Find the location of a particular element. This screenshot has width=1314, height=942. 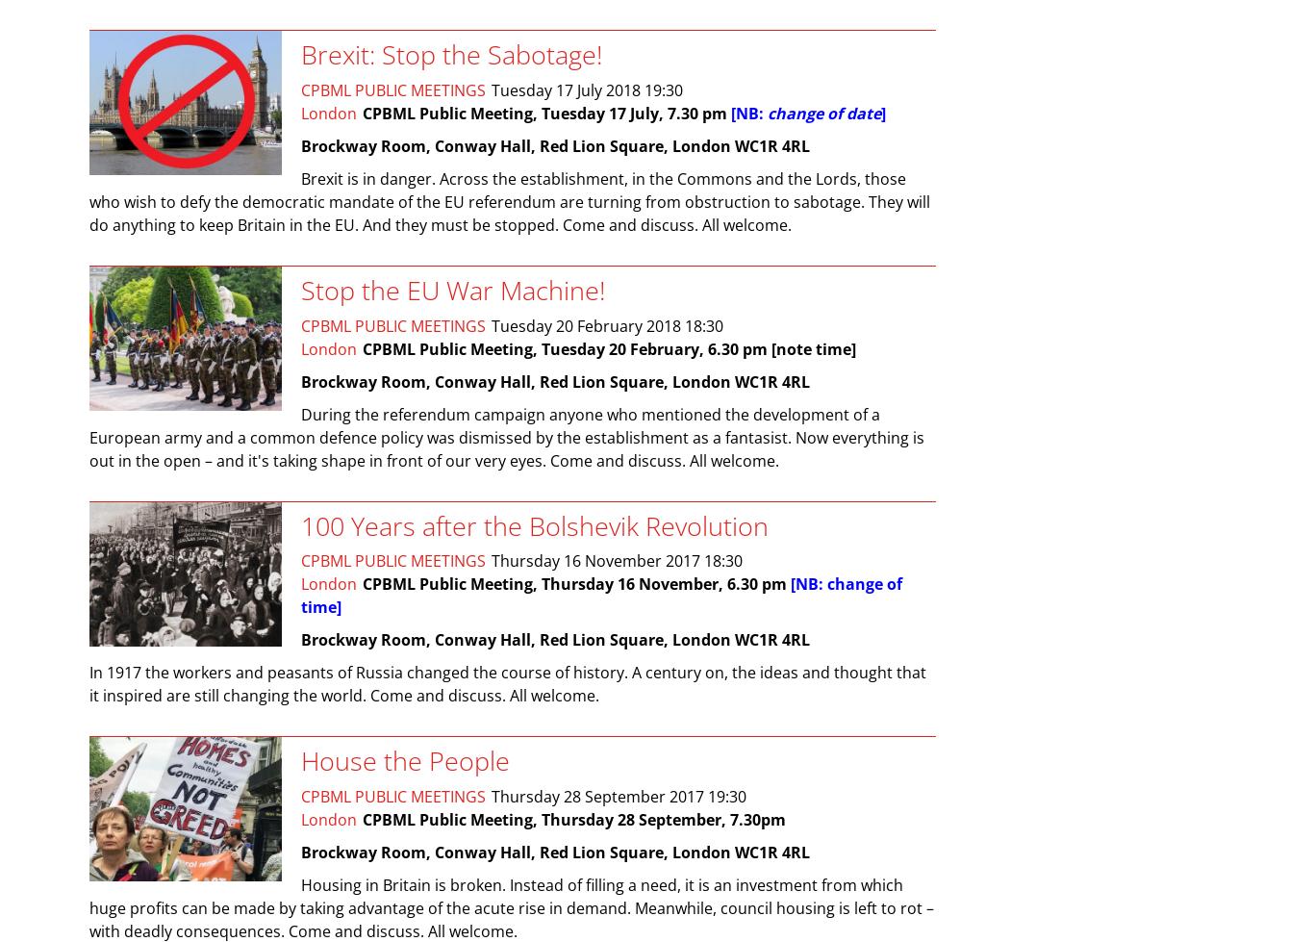

'Thursday 16 November 2017 18:30' is located at coordinates (616, 559).